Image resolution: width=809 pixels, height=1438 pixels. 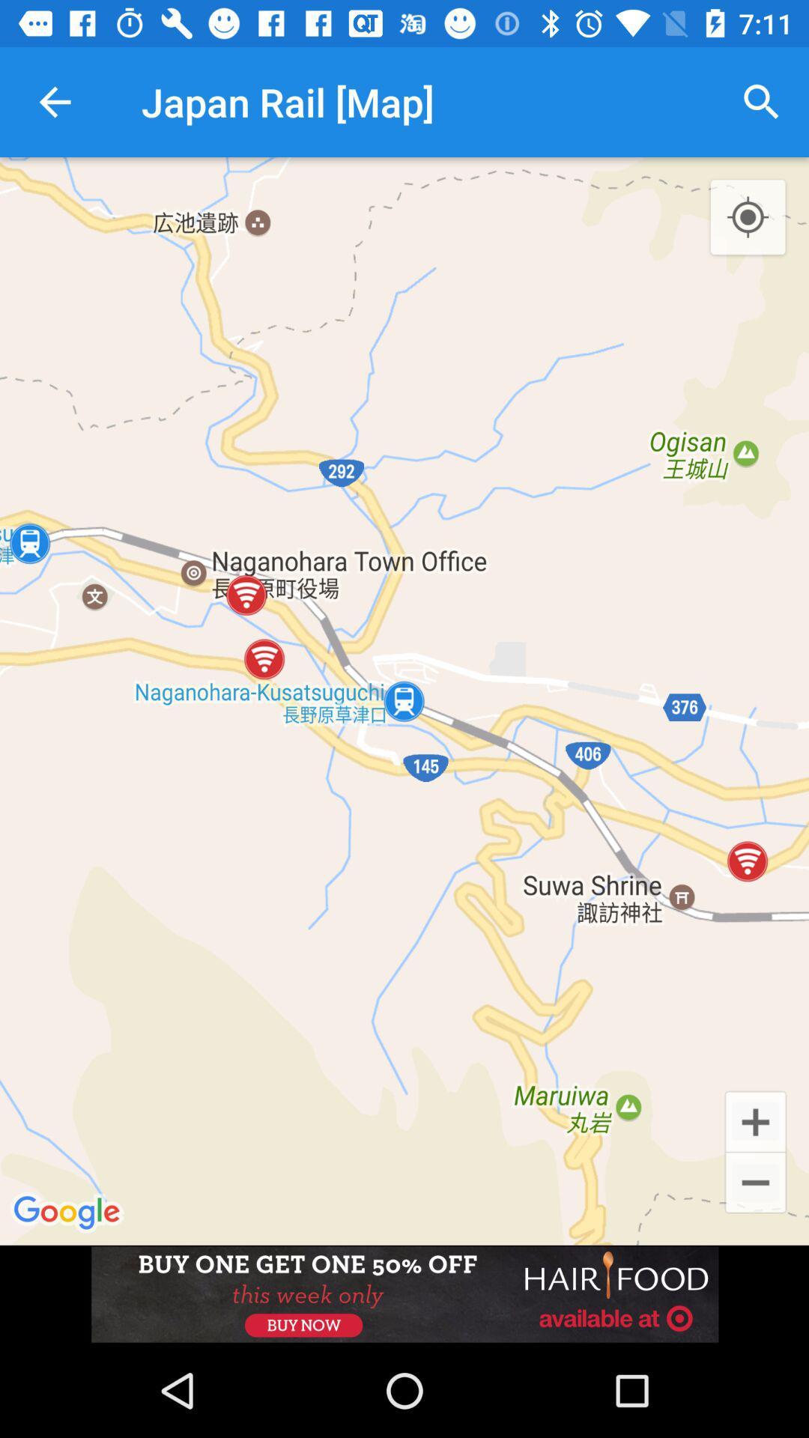 I want to click on the add icon, so click(x=755, y=1121).